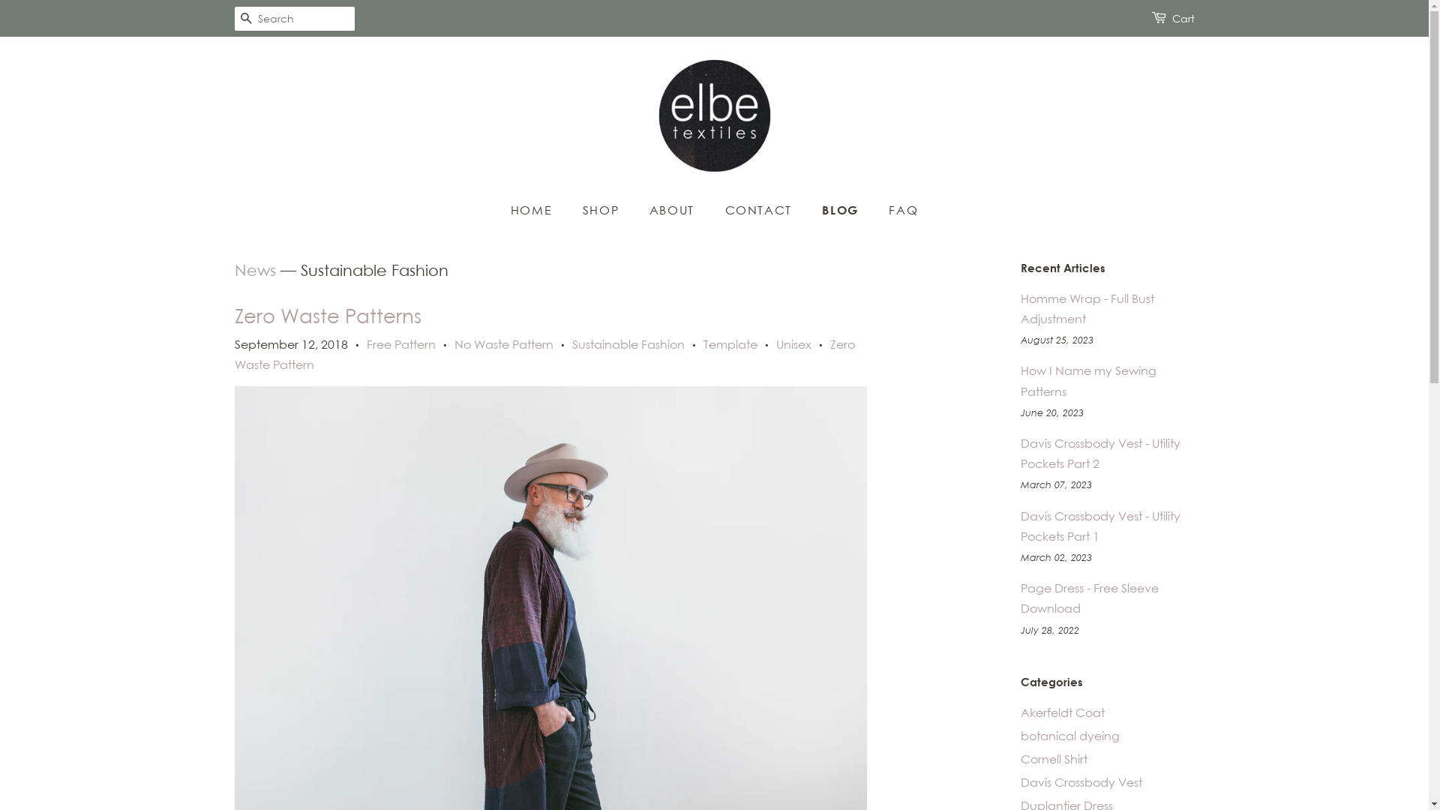 The height and width of the screenshot is (810, 1440). Describe the element at coordinates (1170, 18) in the screenshot. I see `'Cart'` at that location.